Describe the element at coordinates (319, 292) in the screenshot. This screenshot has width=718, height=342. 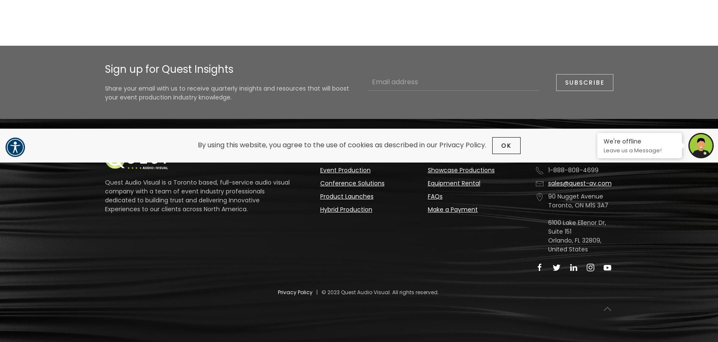
I see `'|   ©'` at that location.